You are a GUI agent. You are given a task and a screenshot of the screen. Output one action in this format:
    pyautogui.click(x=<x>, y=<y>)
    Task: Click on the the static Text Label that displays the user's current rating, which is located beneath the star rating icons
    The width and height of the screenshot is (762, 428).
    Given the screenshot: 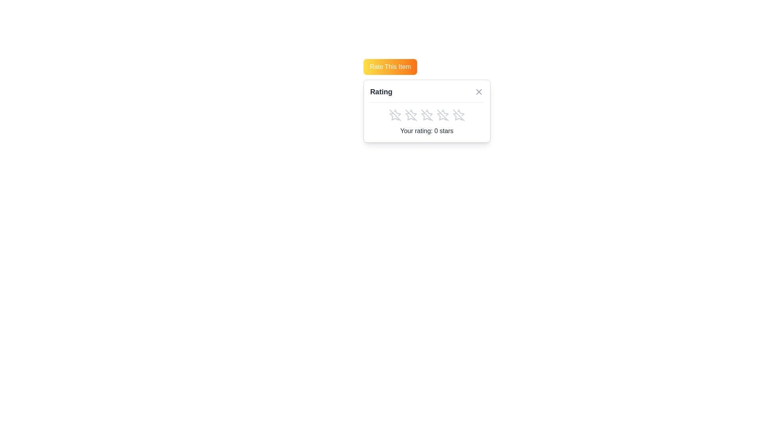 What is the action you would take?
    pyautogui.click(x=426, y=131)
    